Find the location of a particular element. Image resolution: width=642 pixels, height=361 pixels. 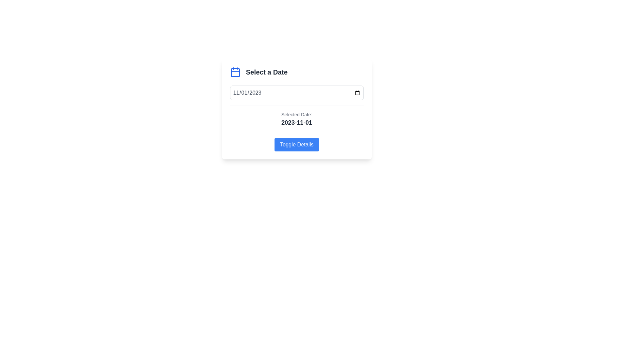

the text label reading 'Selected Date:', which is styled in gray and located above the date '2023-11-01' is located at coordinates (296, 114).